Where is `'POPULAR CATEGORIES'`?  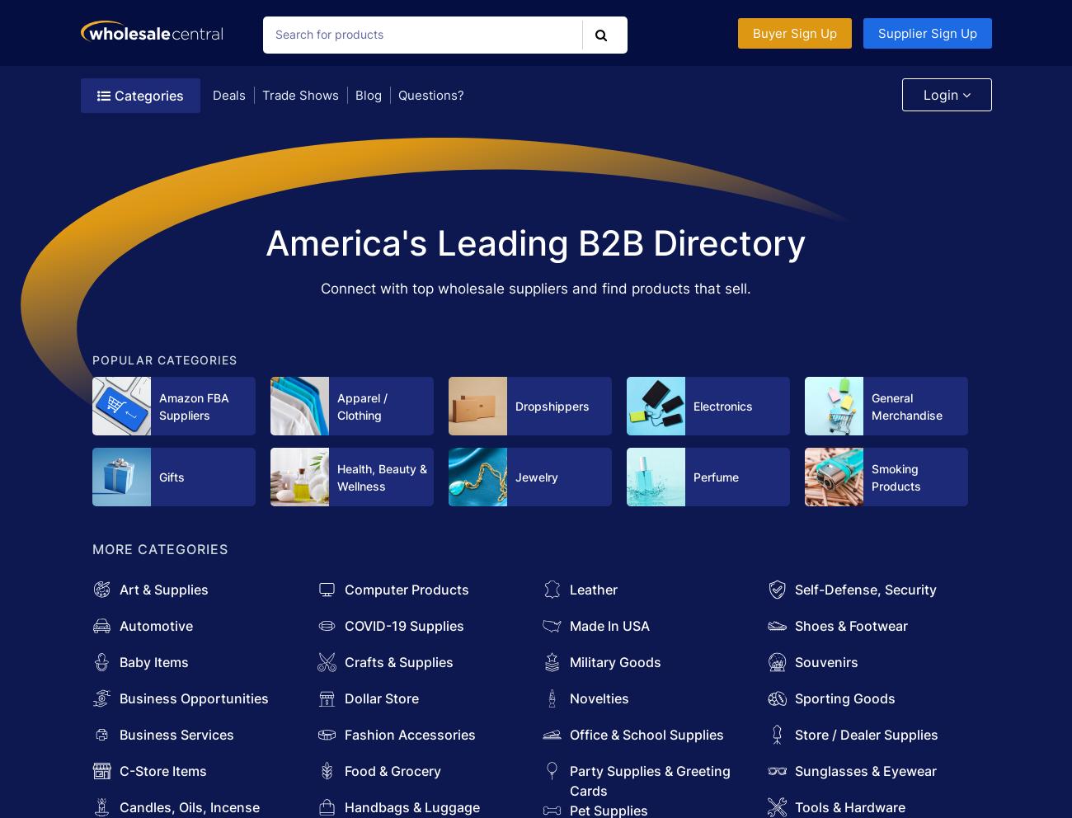
'POPULAR CATEGORIES' is located at coordinates (164, 359).